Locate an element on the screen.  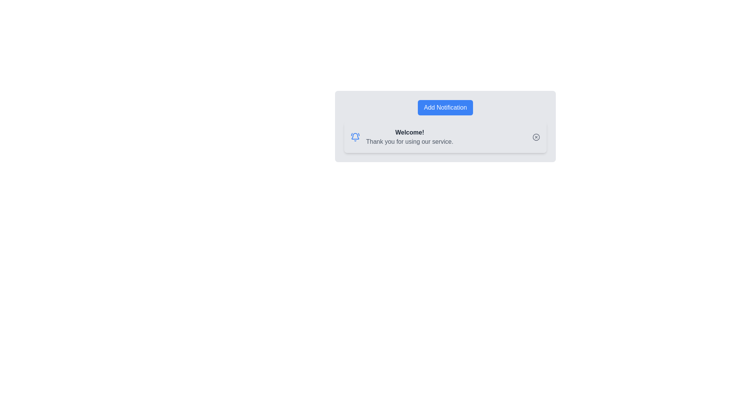
notification text displayed in the white notification box with a blue background and shadow effect, located below the 'Add Notification' button is located at coordinates (445, 137).